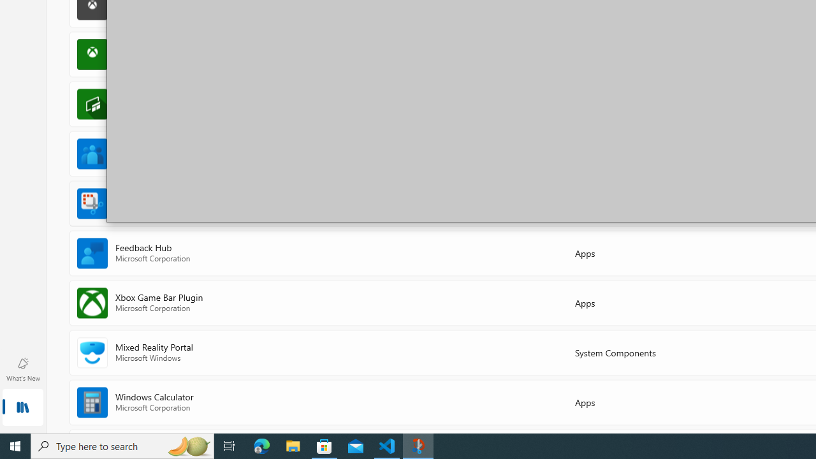 Image resolution: width=816 pixels, height=459 pixels. What do you see at coordinates (229, 445) in the screenshot?
I see `'Task View'` at bounding box center [229, 445].